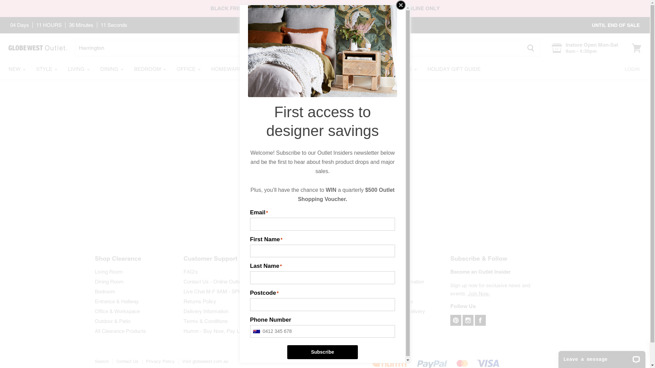  What do you see at coordinates (78, 69) in the screenshot?
I see `'LIVING'` at bounding box center [78, 69].